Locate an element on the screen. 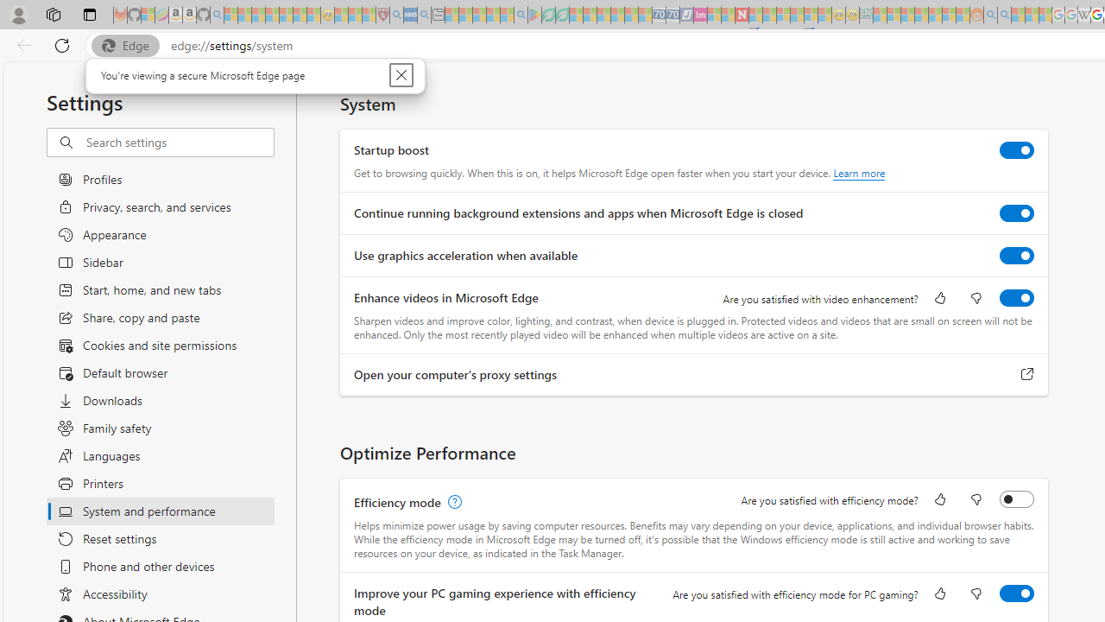 Image resolution: width=1105 pixels, height=622 pixels. 'Open your computer' is located at coordinates (1027, 374).